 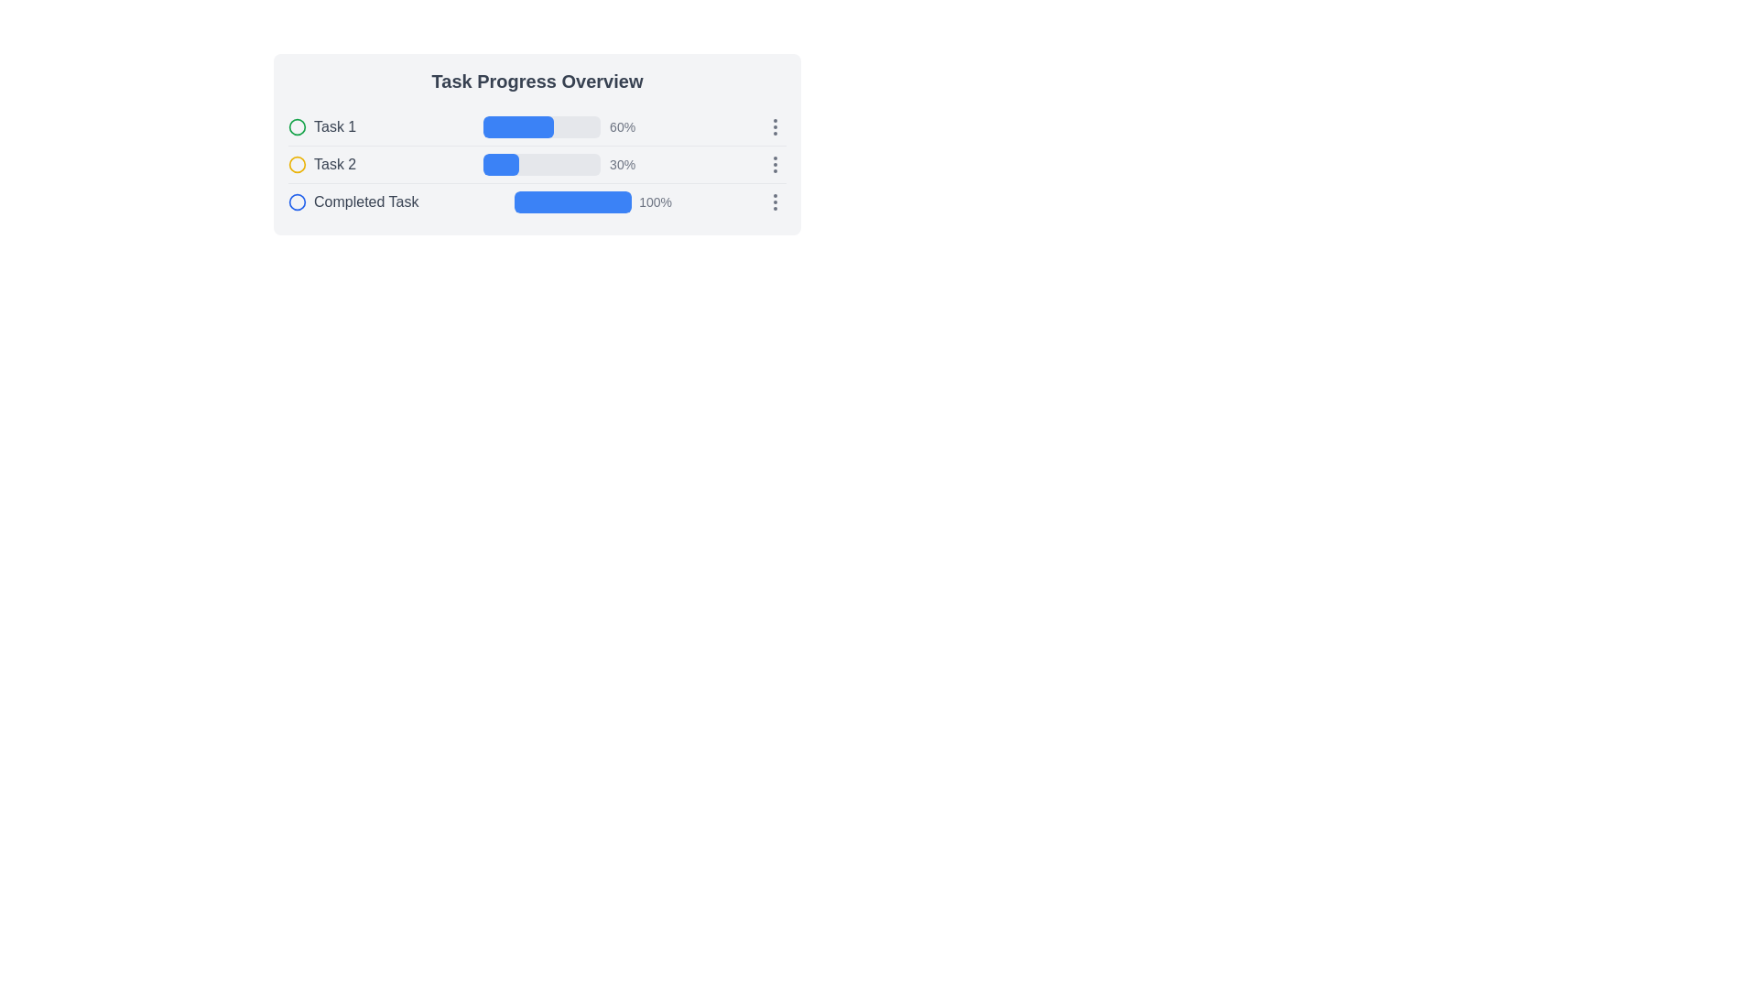 I want to click on percentage value displayed next to the second progress bar for 'Task 2' in the 'Task Progress Overview' section, so click(x=559, y=165).